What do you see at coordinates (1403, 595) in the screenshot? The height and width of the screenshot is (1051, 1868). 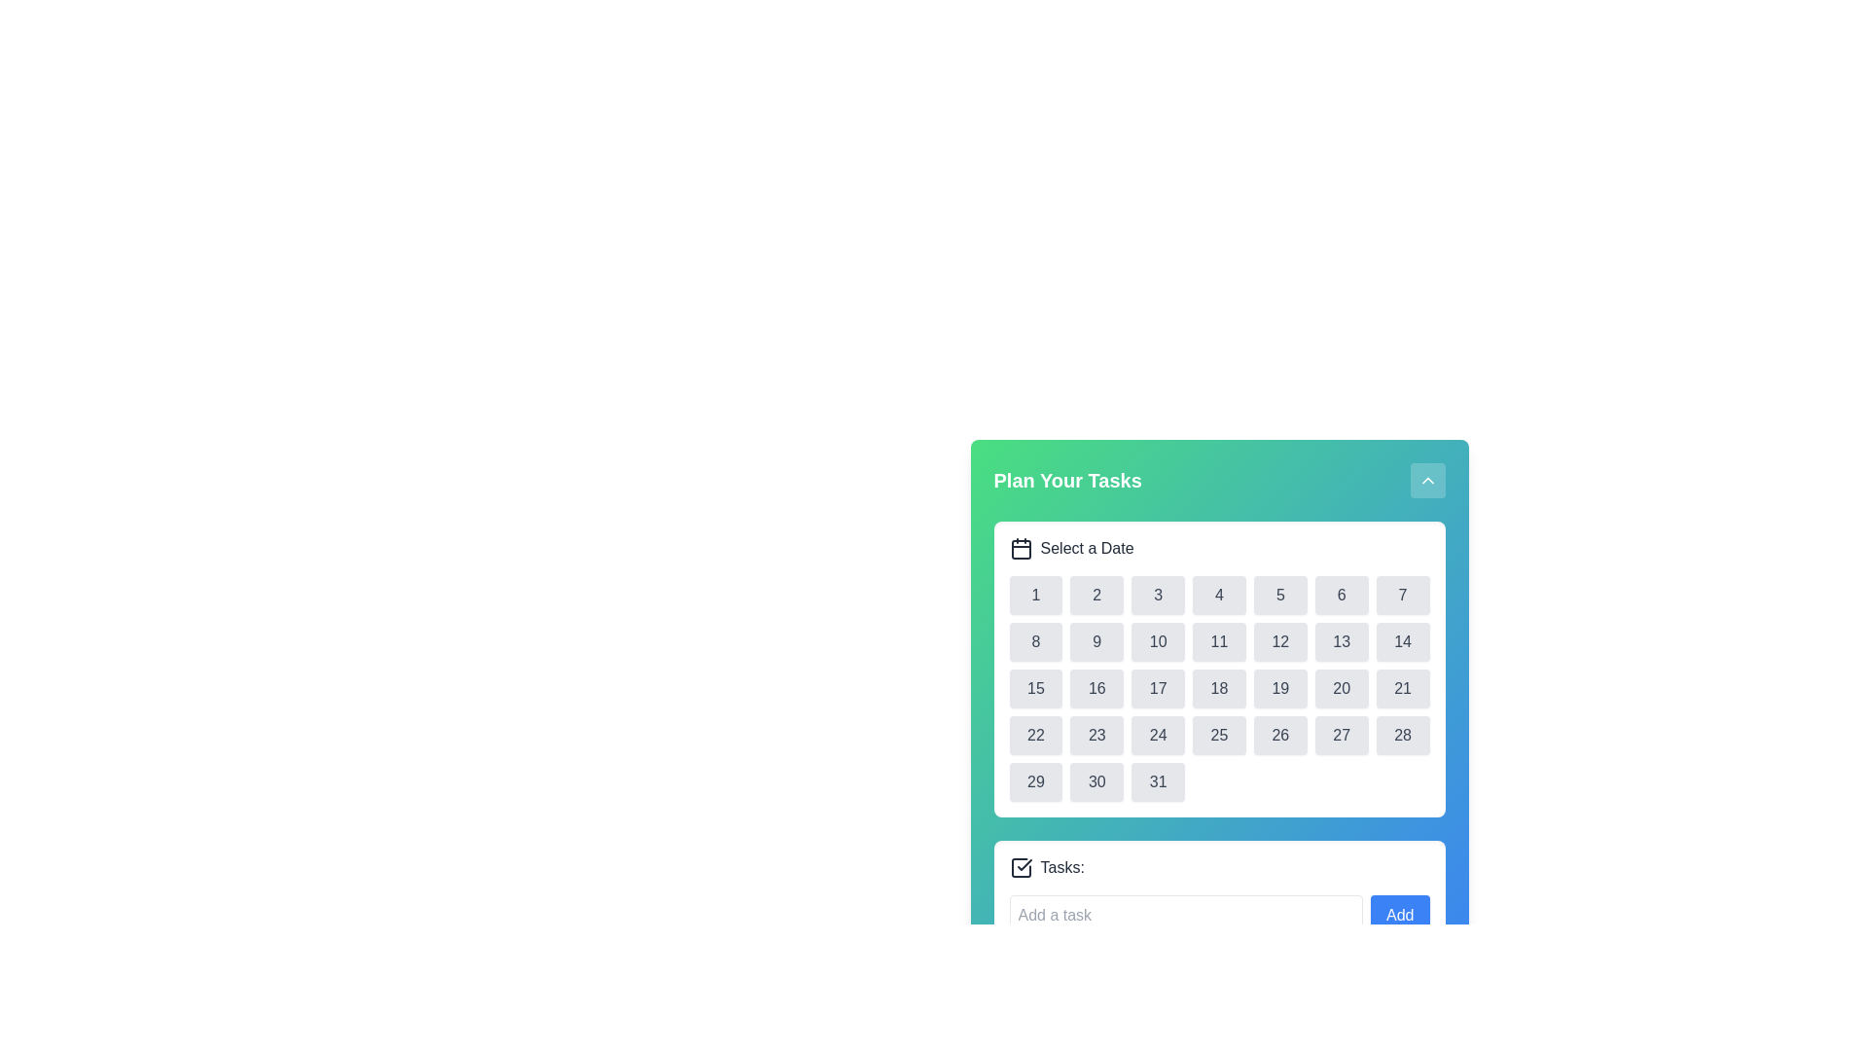 I see `the button displaying the number '7' with a light gray background and rounded corners` at bounding box center [1403, 595].